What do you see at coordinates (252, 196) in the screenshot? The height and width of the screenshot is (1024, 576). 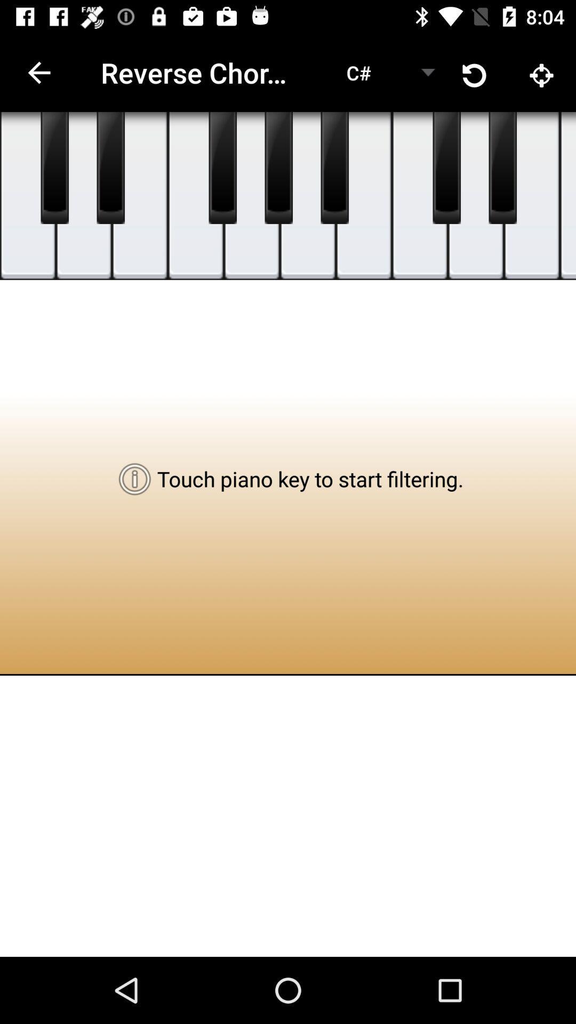 I see `choose the note` at bounding box center [252, 196].